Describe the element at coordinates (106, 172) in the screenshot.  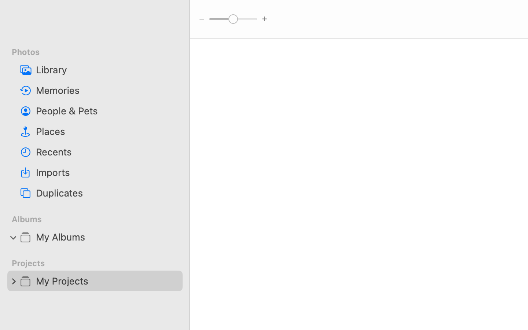
I see `'Imports'` at that location.